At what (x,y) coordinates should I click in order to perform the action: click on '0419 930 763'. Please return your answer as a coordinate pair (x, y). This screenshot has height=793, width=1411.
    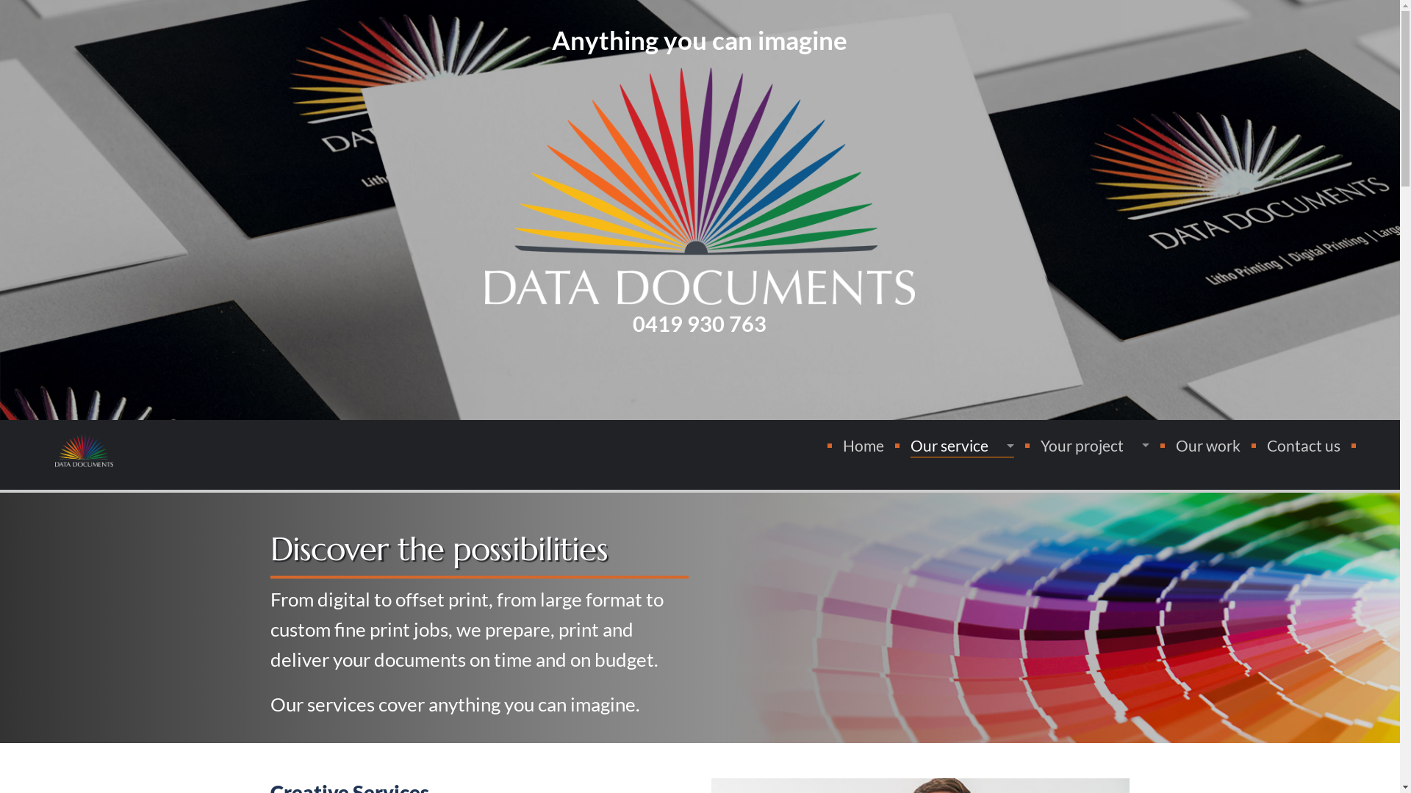
    Looking at the image, I should click on (632, 323).